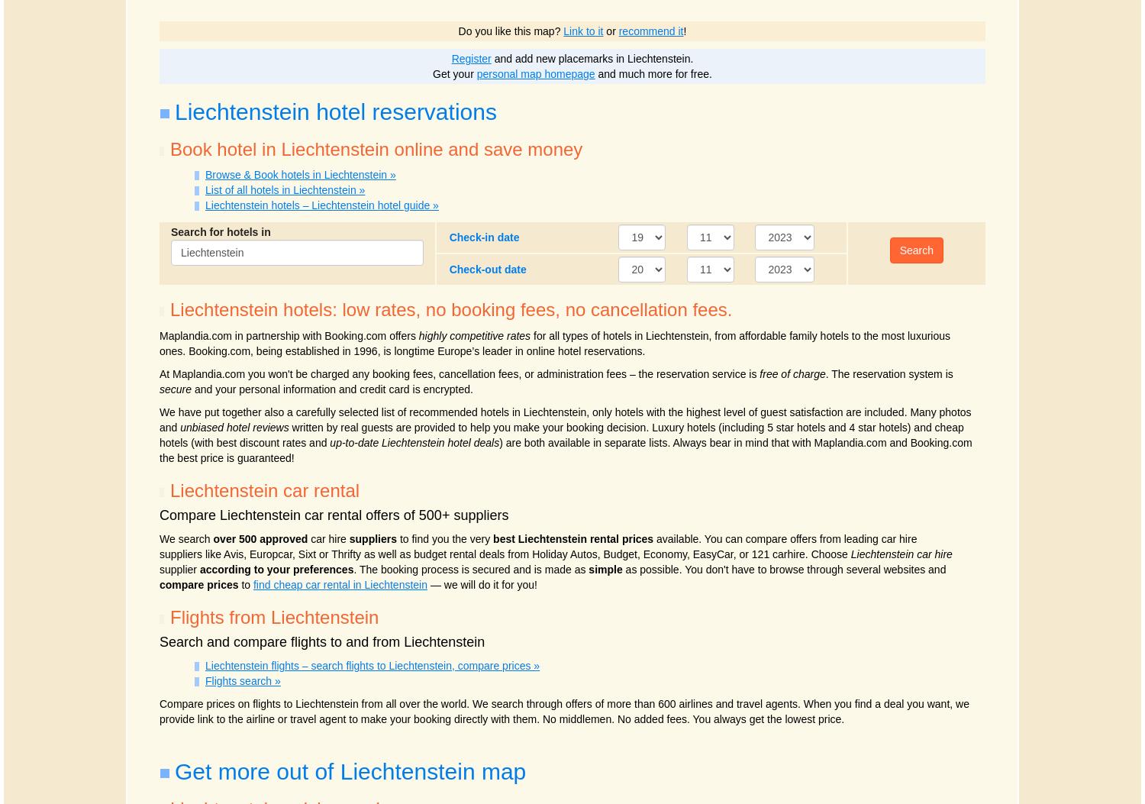 The height and width of the screenshot is (804, 1145). Describe the element at coordinates (334, 110) in the screenshot. I see `'Liechtenstein hotel reservations'` at that location.